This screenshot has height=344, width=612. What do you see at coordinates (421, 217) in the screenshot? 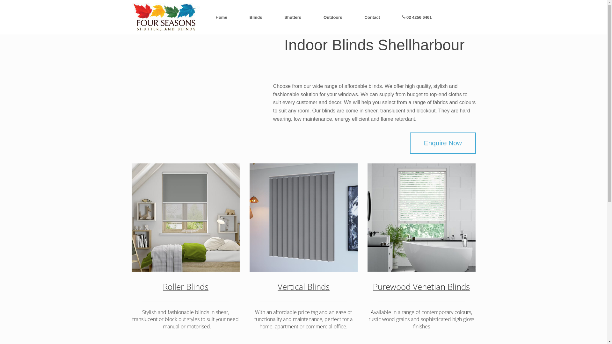
I see `'Purewood Venetians'` at bounding box center [421, 217].